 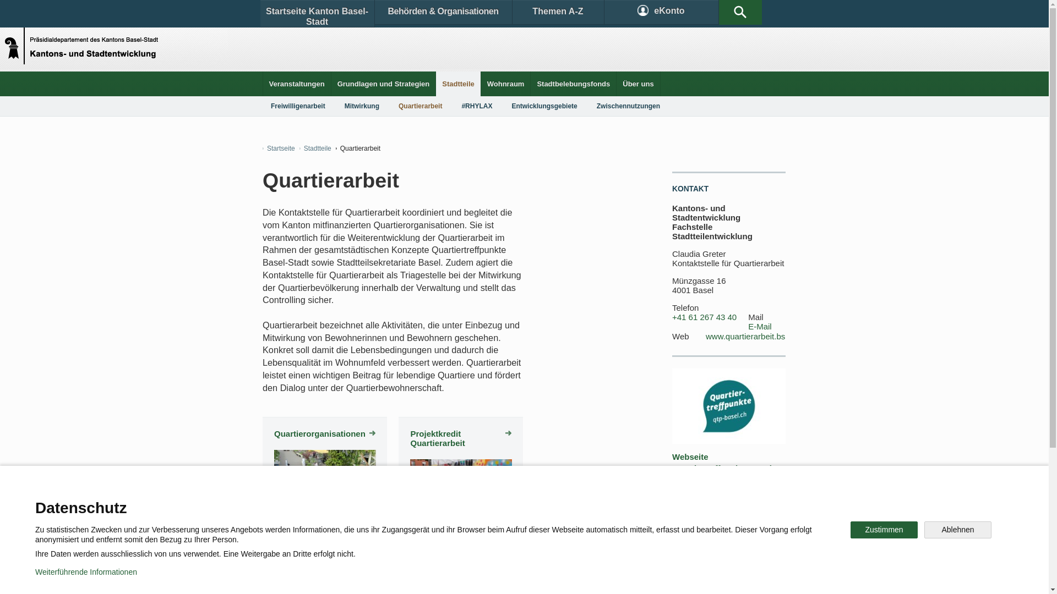 I want to click on 'Zustimmen', so click(x=884, y=529).